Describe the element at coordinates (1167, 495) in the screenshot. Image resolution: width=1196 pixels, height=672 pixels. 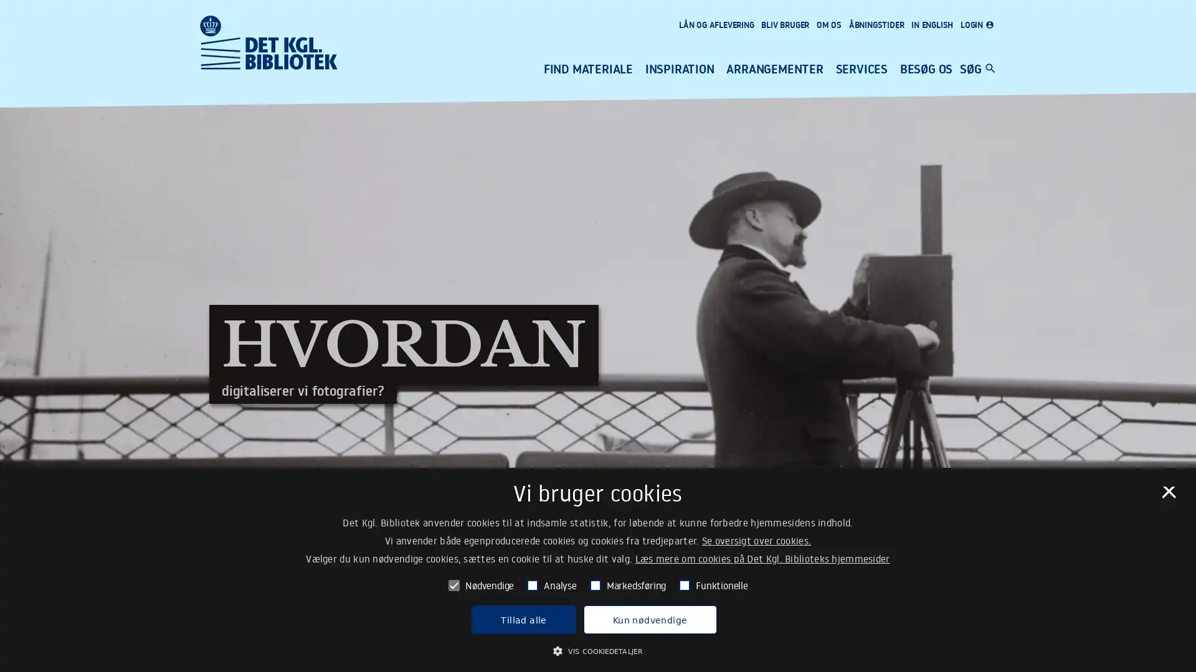
I see `Close` at that location.